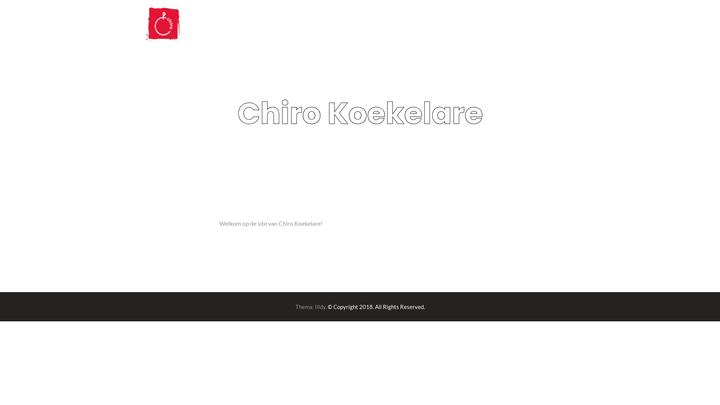 This screenshot has height=405, width=720. What do you see at coordinates (320, 306) in the screenshot?
I see `'Illdy'` at bounding box center [320, 306].